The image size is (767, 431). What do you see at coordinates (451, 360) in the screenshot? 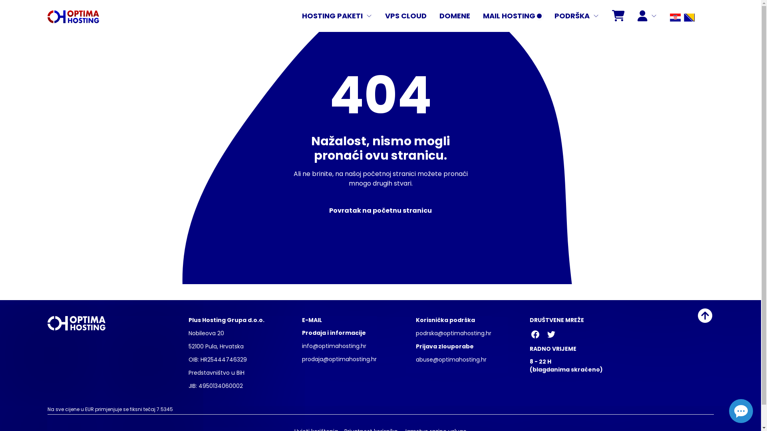
I see `'abuse@optimahosting.hr'` at bounding box center [451, 360].